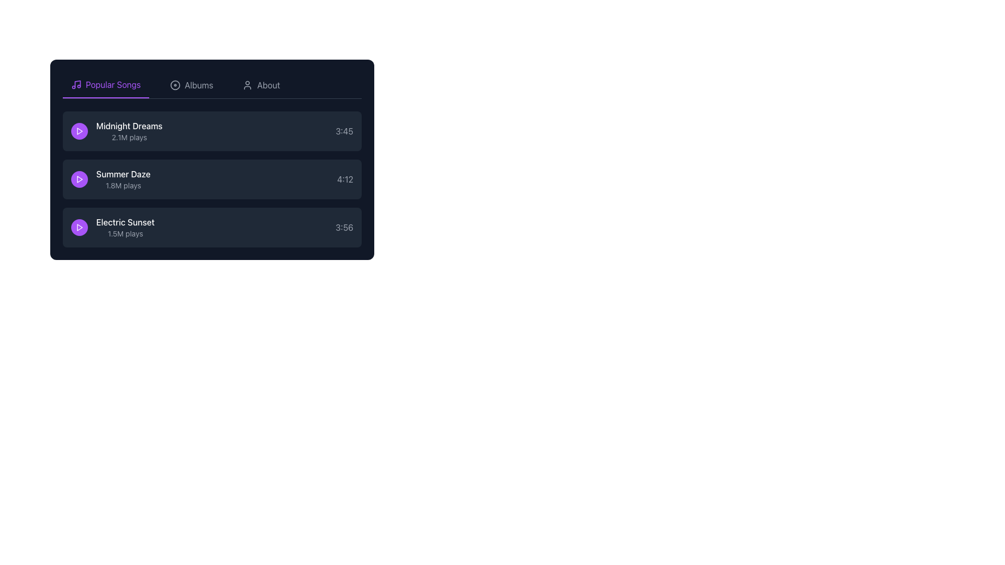  Describe the element at coordinates (125, 233) in the screenshot. I see `the text label indicating the playback count for the song 'Electric Sunset', which is located directly below the song title in the third position of the song list` at that location.